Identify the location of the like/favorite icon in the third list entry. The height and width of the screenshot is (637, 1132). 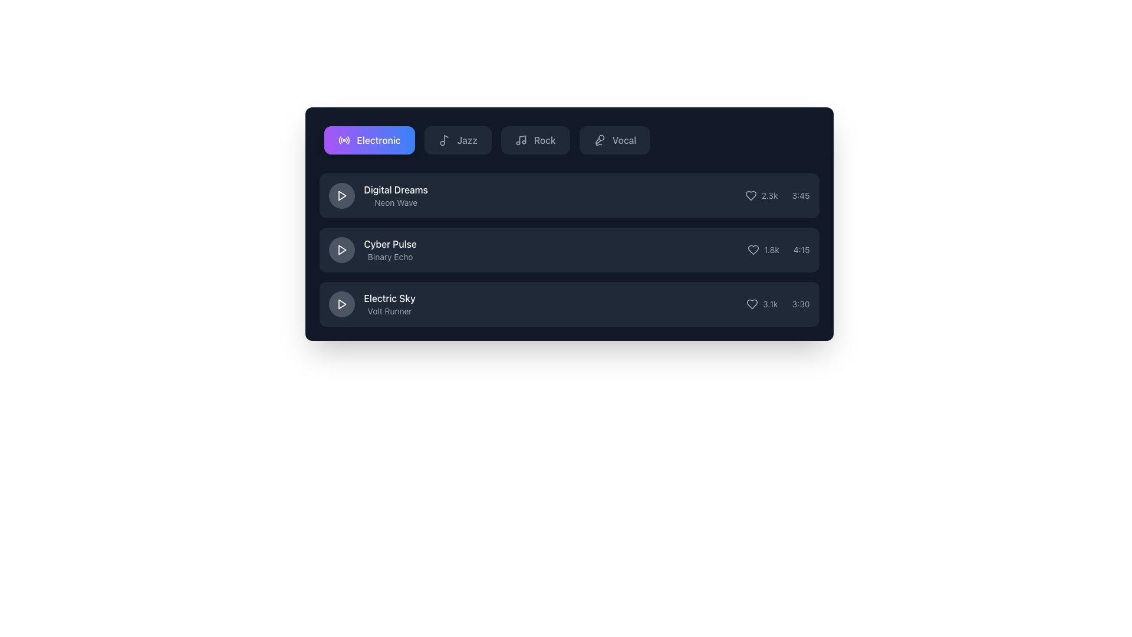
(752, 304).